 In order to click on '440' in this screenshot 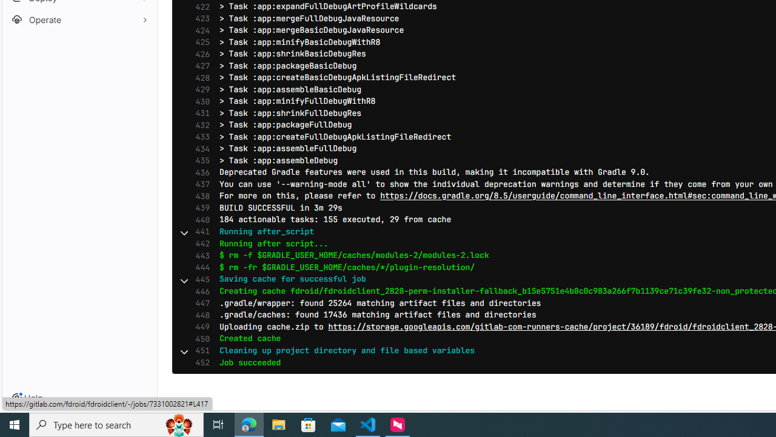, I will do `click(199, 220)`.